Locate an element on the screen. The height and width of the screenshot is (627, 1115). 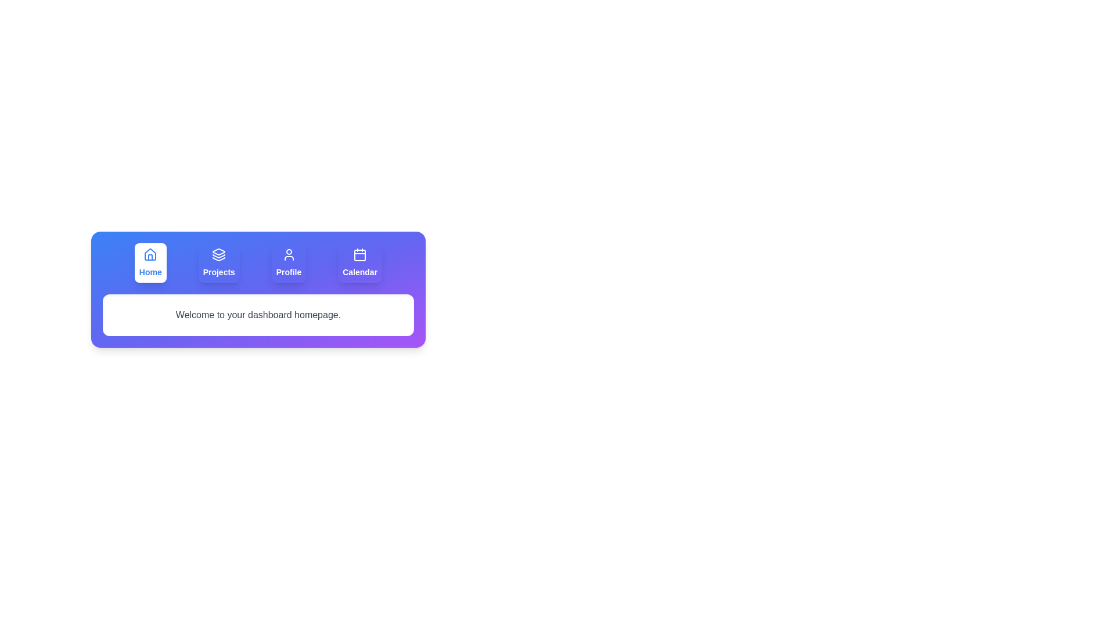
the tab labeled Profile to view its content is located at coordinates (289, 262).